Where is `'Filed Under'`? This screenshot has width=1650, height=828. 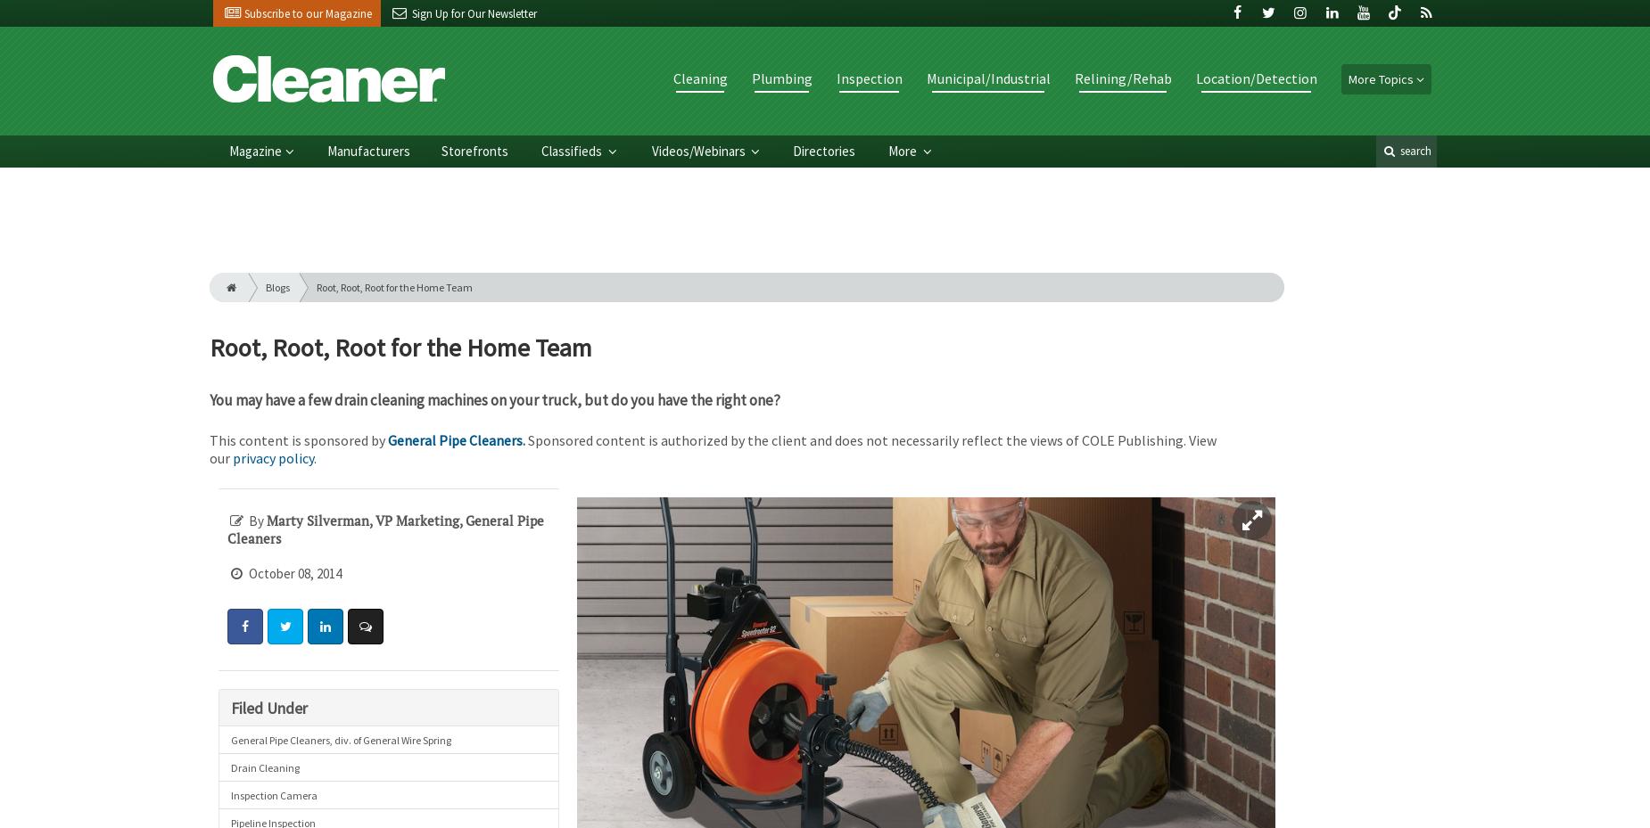
'Filed Under' is located at coordinates (267, 706).